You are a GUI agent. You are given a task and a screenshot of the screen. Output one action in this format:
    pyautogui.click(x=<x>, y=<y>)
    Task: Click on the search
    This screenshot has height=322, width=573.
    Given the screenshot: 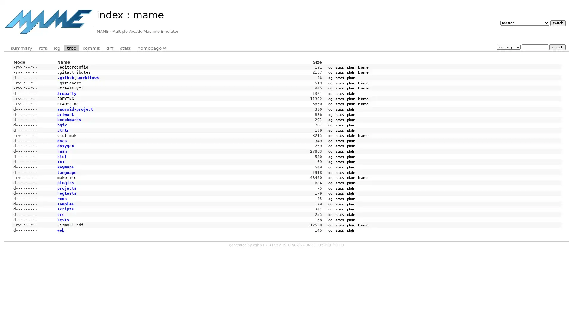 What is the action you would take?
    pyautogui.click(x=557, y=47)
    